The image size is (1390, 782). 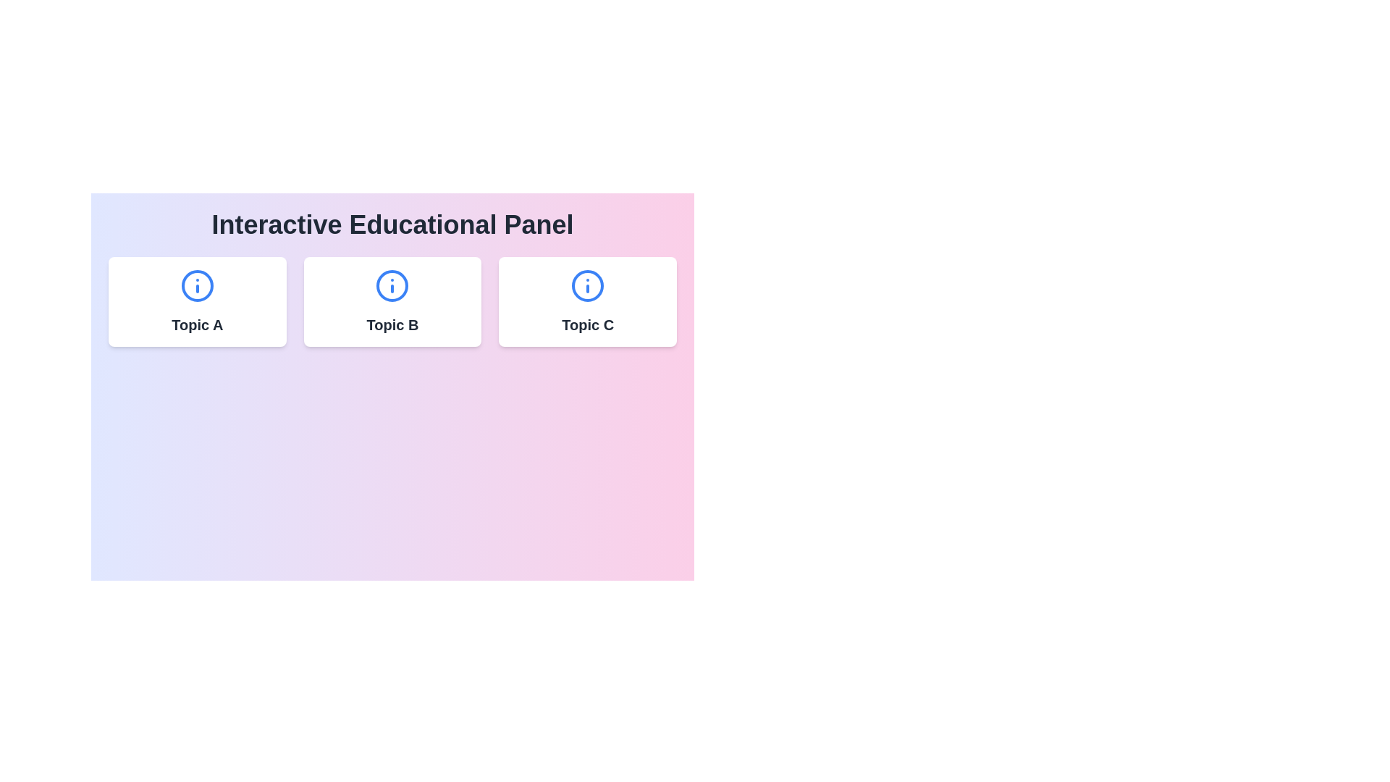 What do you see at coordinates (196, 300) in the screenshot?
I see `details of the Informational Card element, which features a blue circular icon with an information symbol and bold text 'Topic A' below it, located at the top-left corner of the grid layout` at bounding box center [196, 300].